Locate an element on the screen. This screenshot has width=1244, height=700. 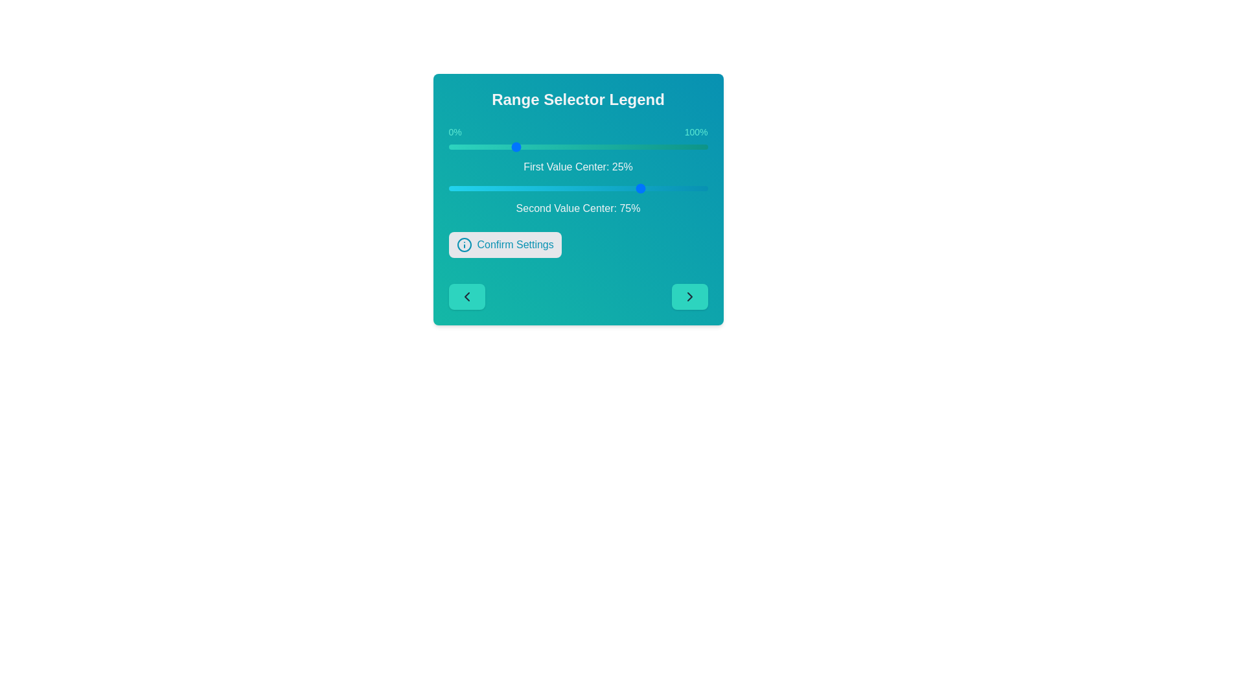
the back navigation icon located in the bottom-left corner of the interface is located at coordinates (466, 297).